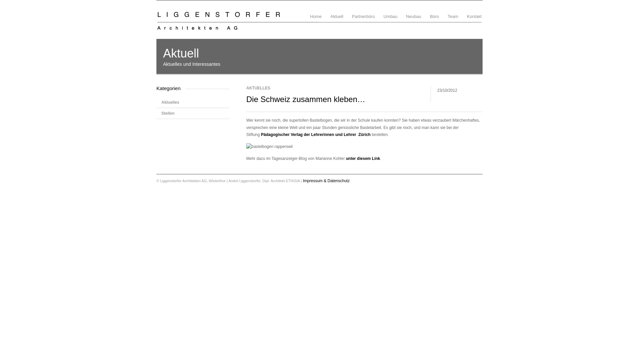 The image size is (639, 359). Describe the element at coordinates (326, 180) in the screenshot. I see `'Impressum & Datenschutz'` at that location.